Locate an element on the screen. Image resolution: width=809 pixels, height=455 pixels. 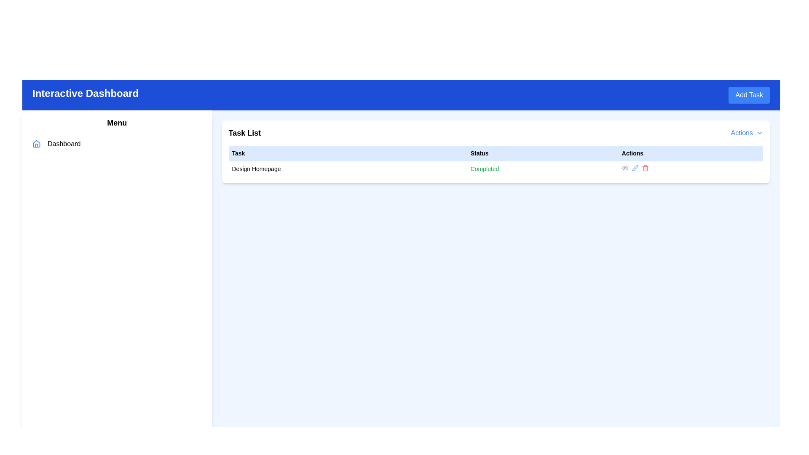
the red trashcan icon button in the 'Actions' column corresponding to the task 'Design Homepage' is located at coordinates (645, 168).